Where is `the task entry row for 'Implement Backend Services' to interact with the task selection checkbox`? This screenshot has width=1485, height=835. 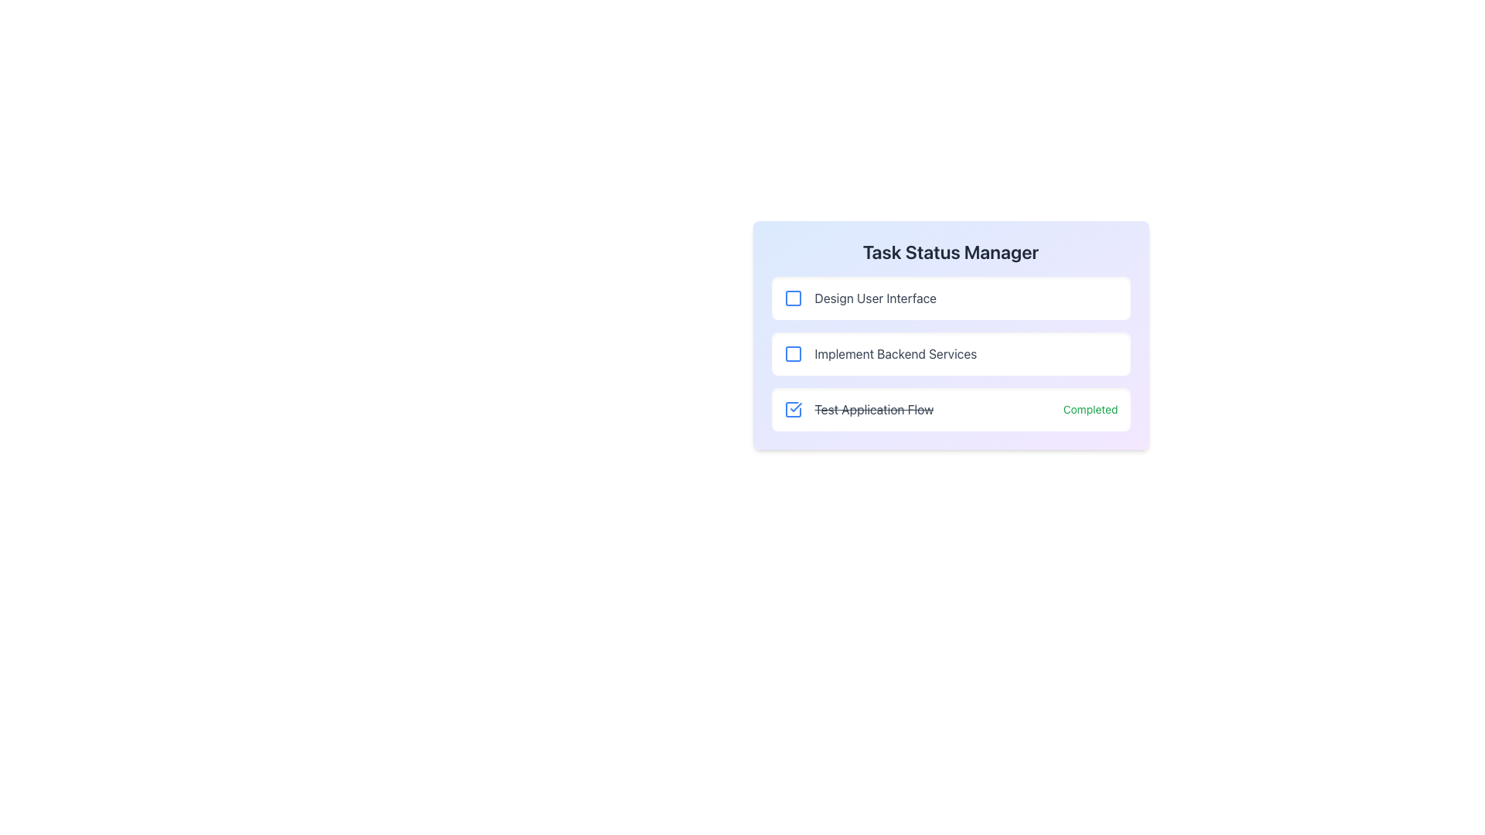
the task entry row for 'Implement Backend Services' to interact with the task selection checkbox is located at coordinates (950, 354).